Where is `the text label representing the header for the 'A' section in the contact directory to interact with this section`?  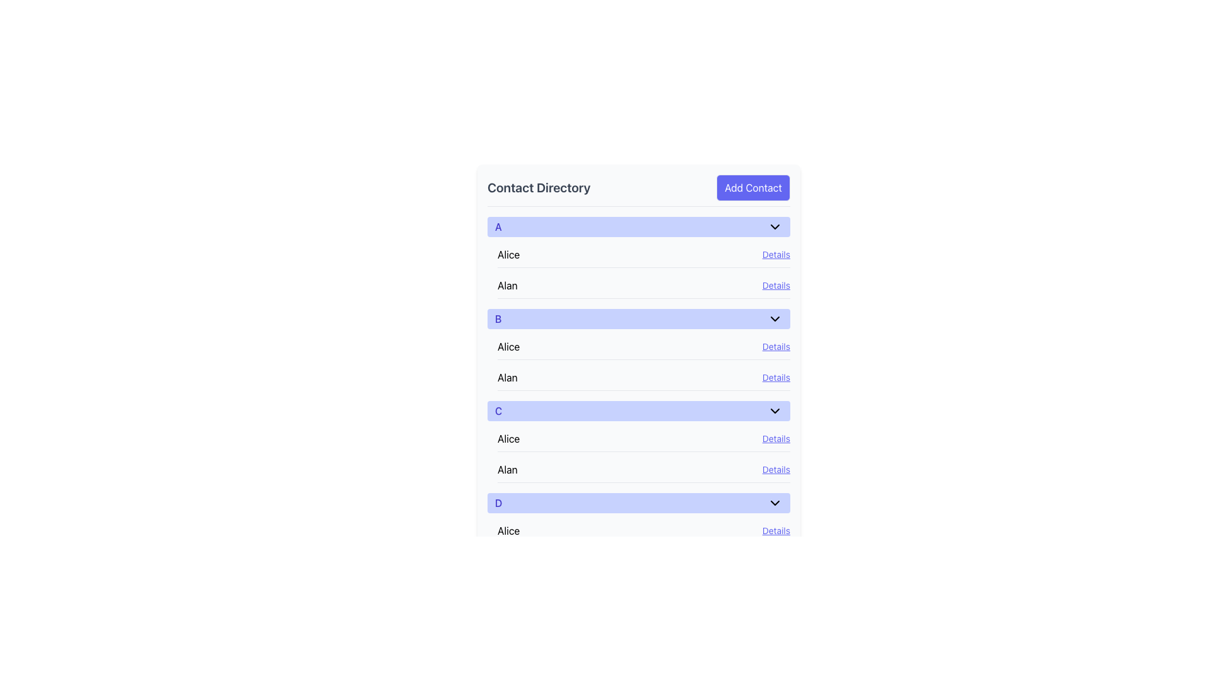 the text label representing the header for the 'A' section in the contact directory to interact with this section is located at coordinates (498, 226).